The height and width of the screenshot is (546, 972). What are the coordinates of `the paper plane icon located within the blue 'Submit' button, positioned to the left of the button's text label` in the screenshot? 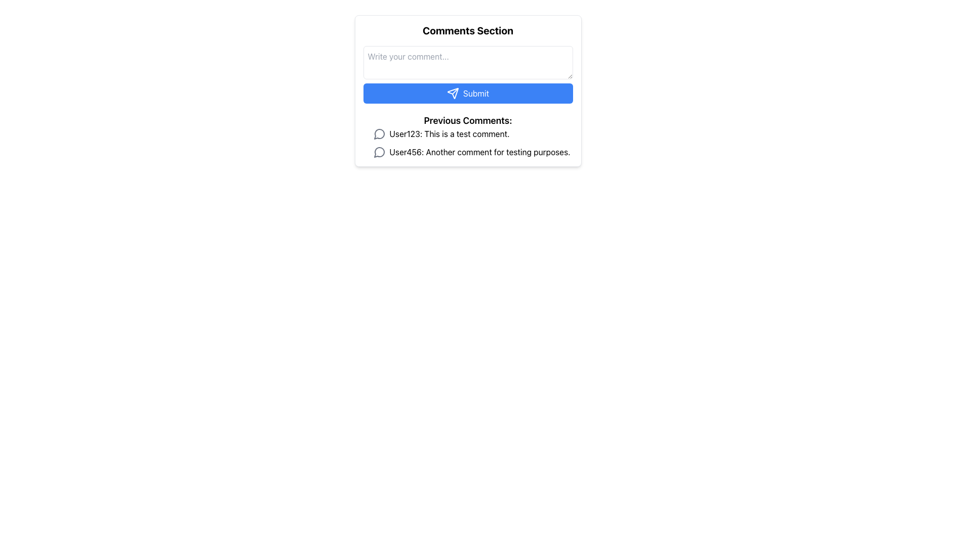 It's located at (452, 94).